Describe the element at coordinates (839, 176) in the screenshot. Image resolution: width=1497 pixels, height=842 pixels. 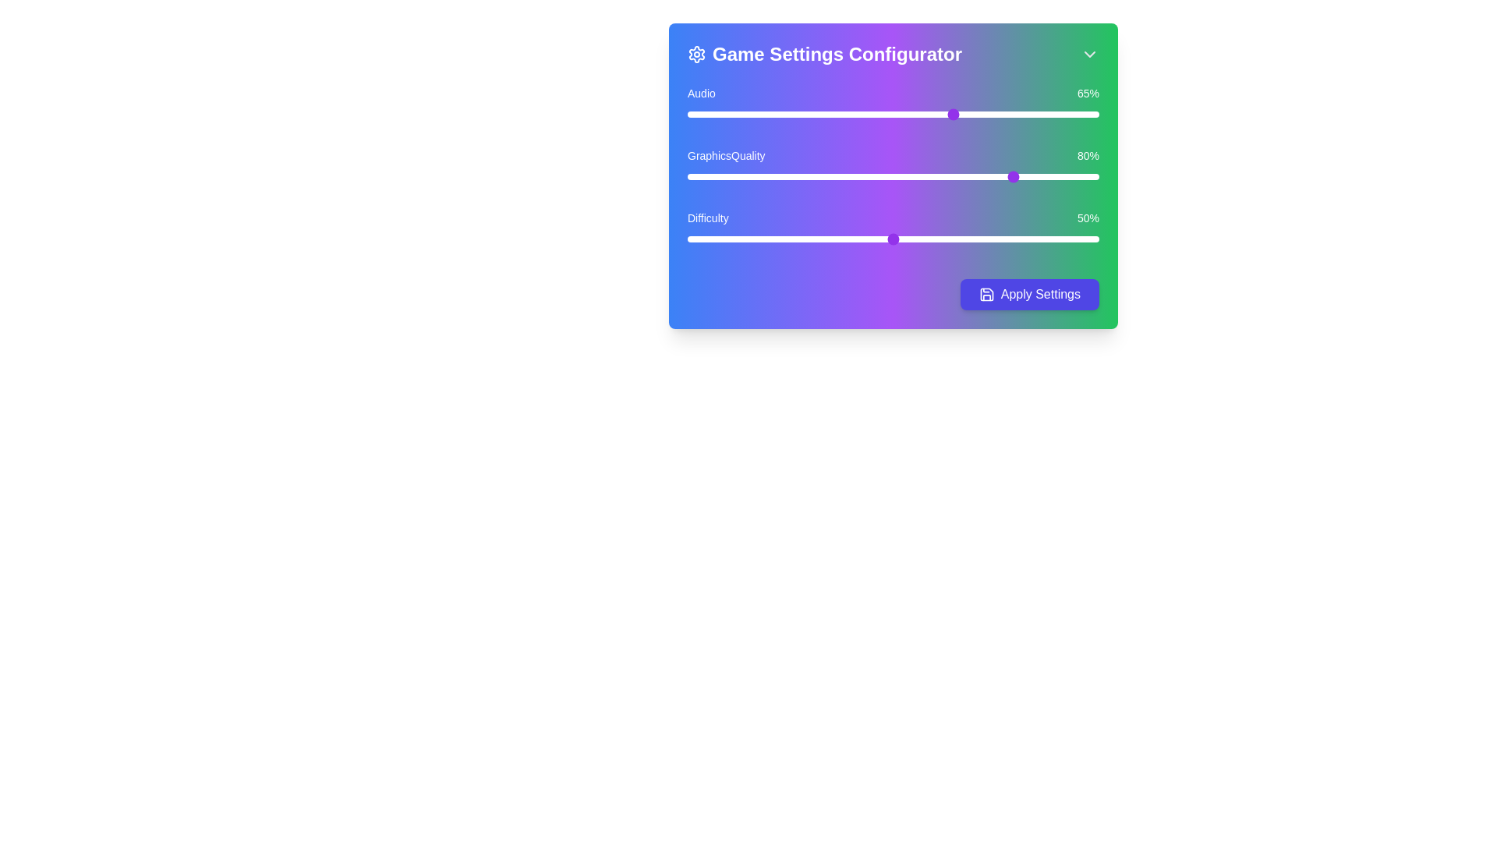
I see `the Graphics Quality` at that location.